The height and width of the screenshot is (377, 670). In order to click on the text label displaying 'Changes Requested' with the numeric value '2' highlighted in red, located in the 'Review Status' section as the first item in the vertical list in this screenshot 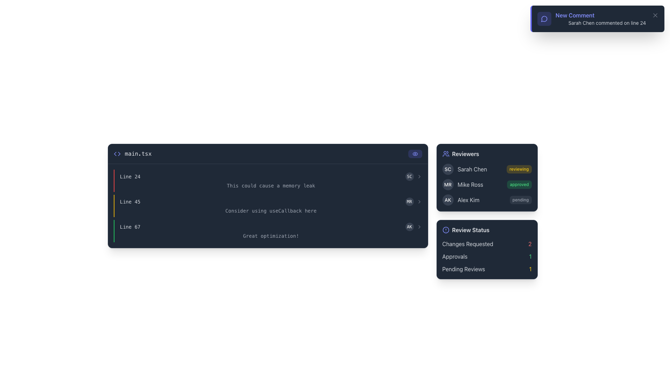, I will do `click(486, 243)`.